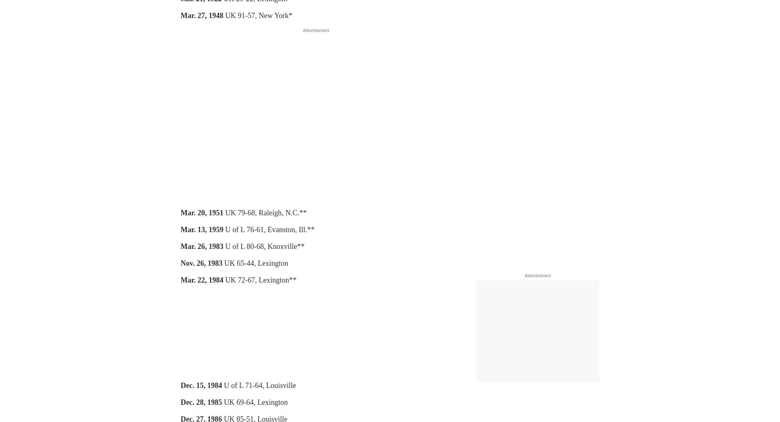 Image resolution: width=780 pixels, height=422 pixels. I want to click on 'Mar. 22, 1984', so click(202, 280).